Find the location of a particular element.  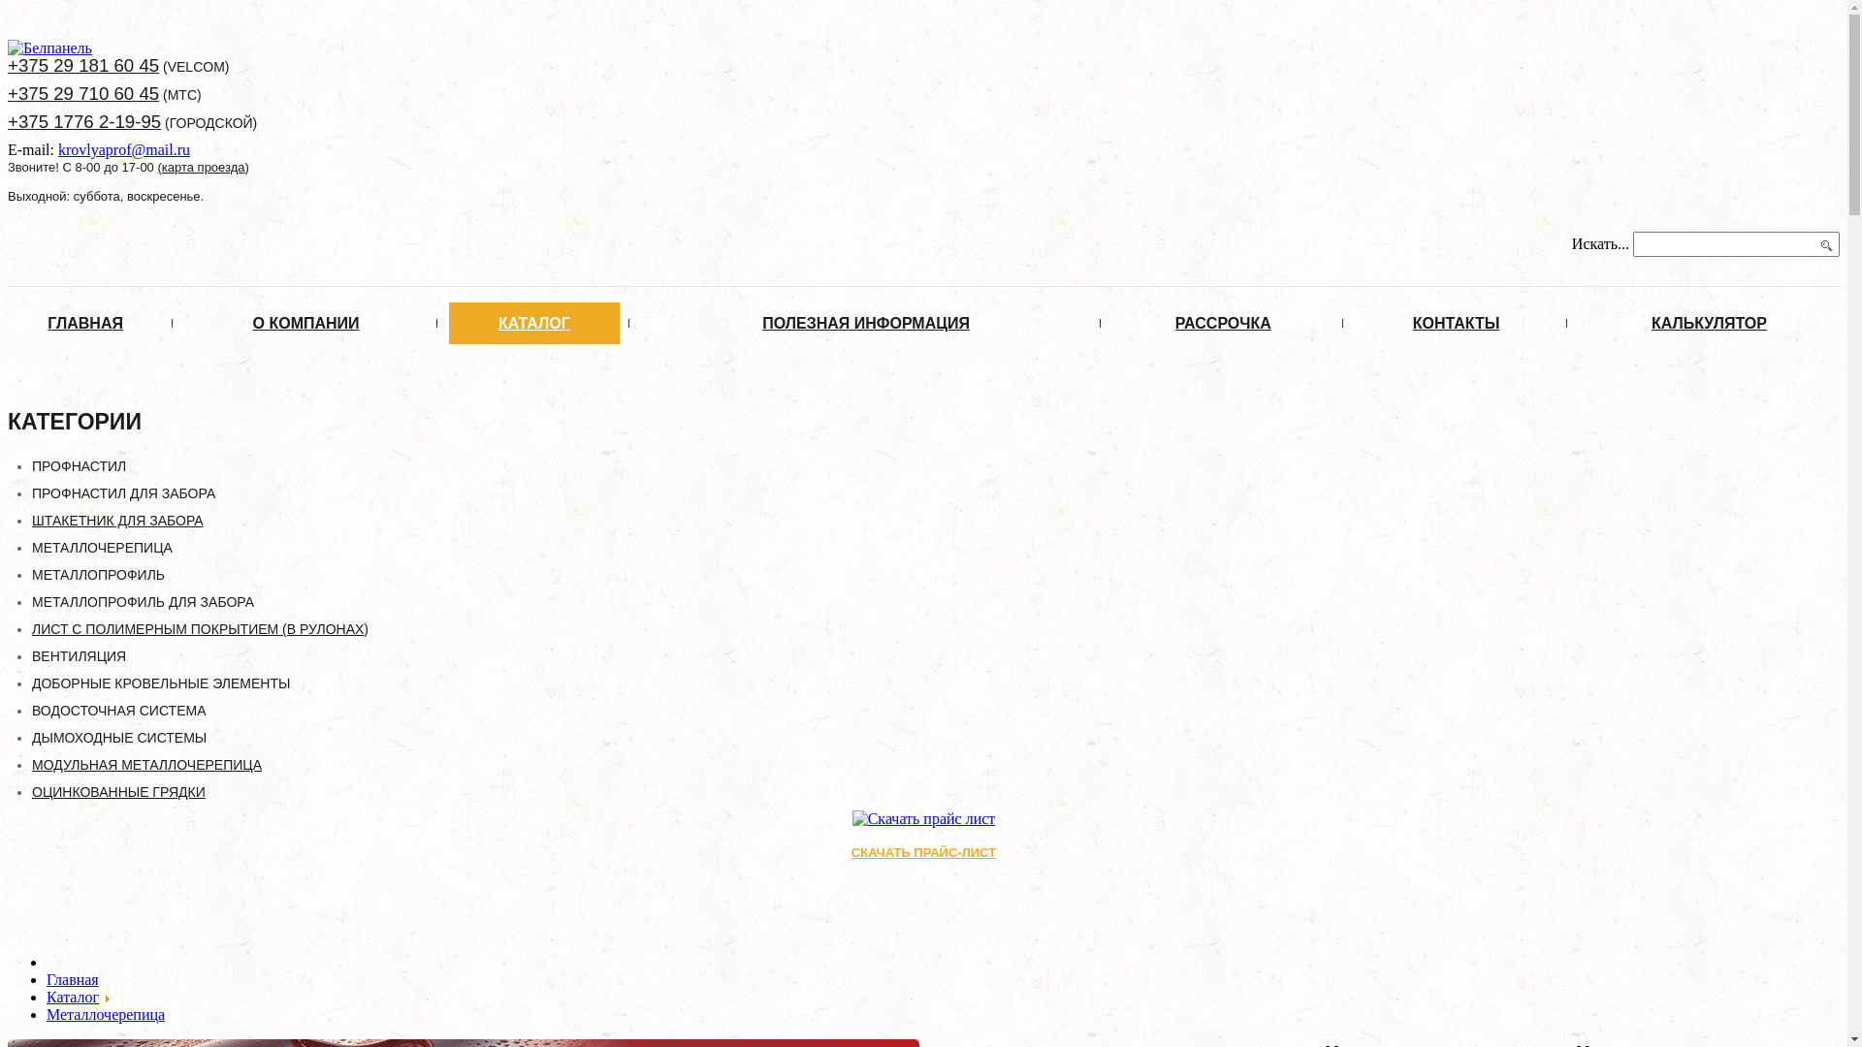

'+375 1776 2-19-95' is located at coordinates (82, 121).